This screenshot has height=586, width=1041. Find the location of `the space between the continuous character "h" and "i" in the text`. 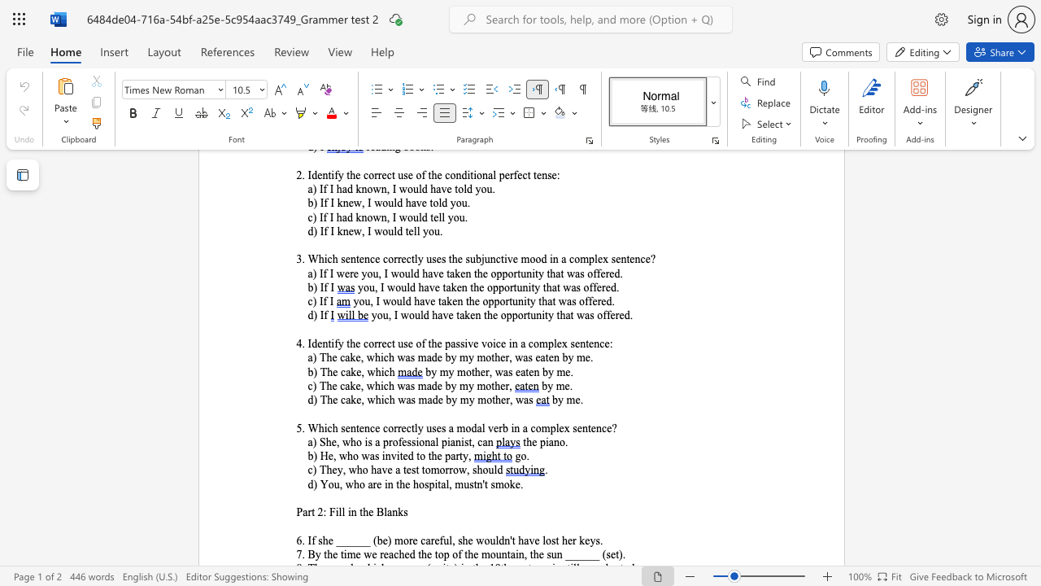

the space between the continuous character "h" and "i" in the text is located at coordinates (323, 427).